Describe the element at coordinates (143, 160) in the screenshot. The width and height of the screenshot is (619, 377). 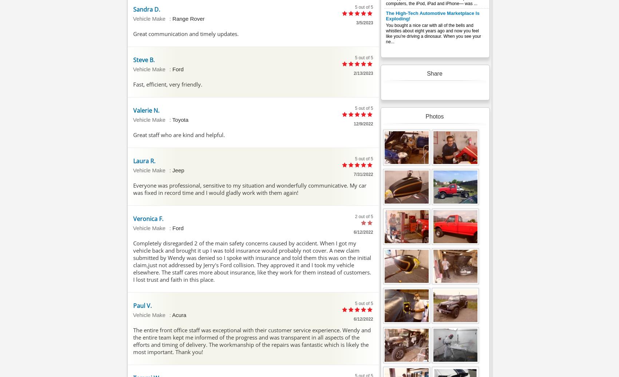
I see `'Laura R.'` at that location.